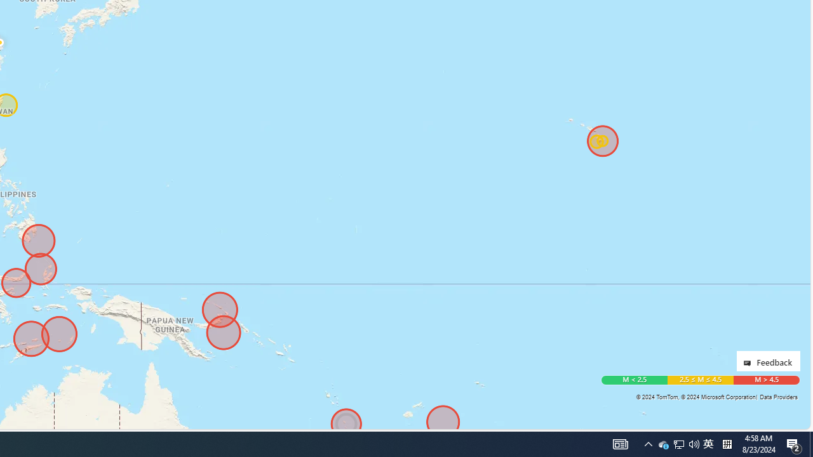 This screenshot has width=813, height=457. Describe the element at coordinates (767, 361) in the screenshot. I see `'Feedback'` at that location.